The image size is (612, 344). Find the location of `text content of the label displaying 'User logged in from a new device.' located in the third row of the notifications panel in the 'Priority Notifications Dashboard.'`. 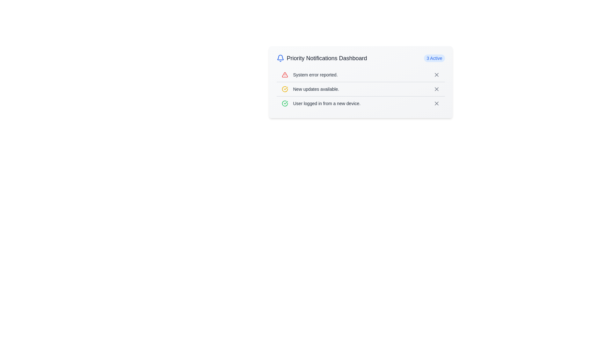

text content of the label displaying 'User logged in from a new device.' located in the third row of the notifications panel in the 'Priority Notifications Dashboard.' is located at coordinates (327, 103).